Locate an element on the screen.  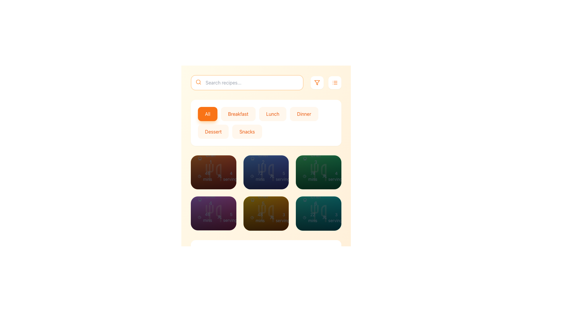
the recipe card located in the bottom row of the grid, which is the last element in its row is located at coordinates (318, 199).